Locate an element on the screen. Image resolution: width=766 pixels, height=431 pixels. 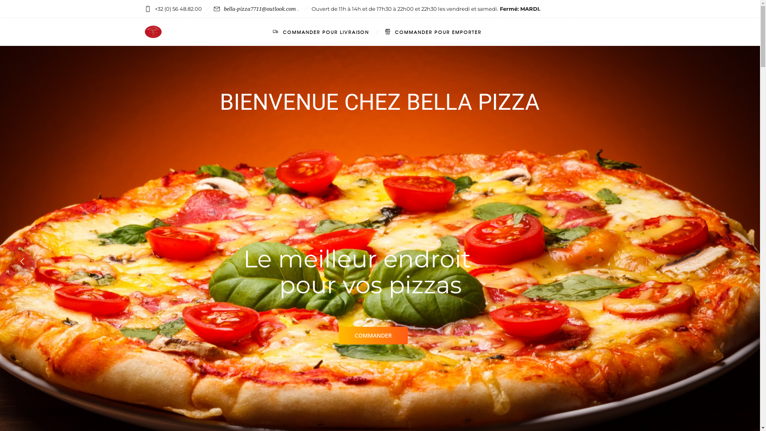
'COMMANDER POUR LIVRAISON' is located at coordinates (321, 32).